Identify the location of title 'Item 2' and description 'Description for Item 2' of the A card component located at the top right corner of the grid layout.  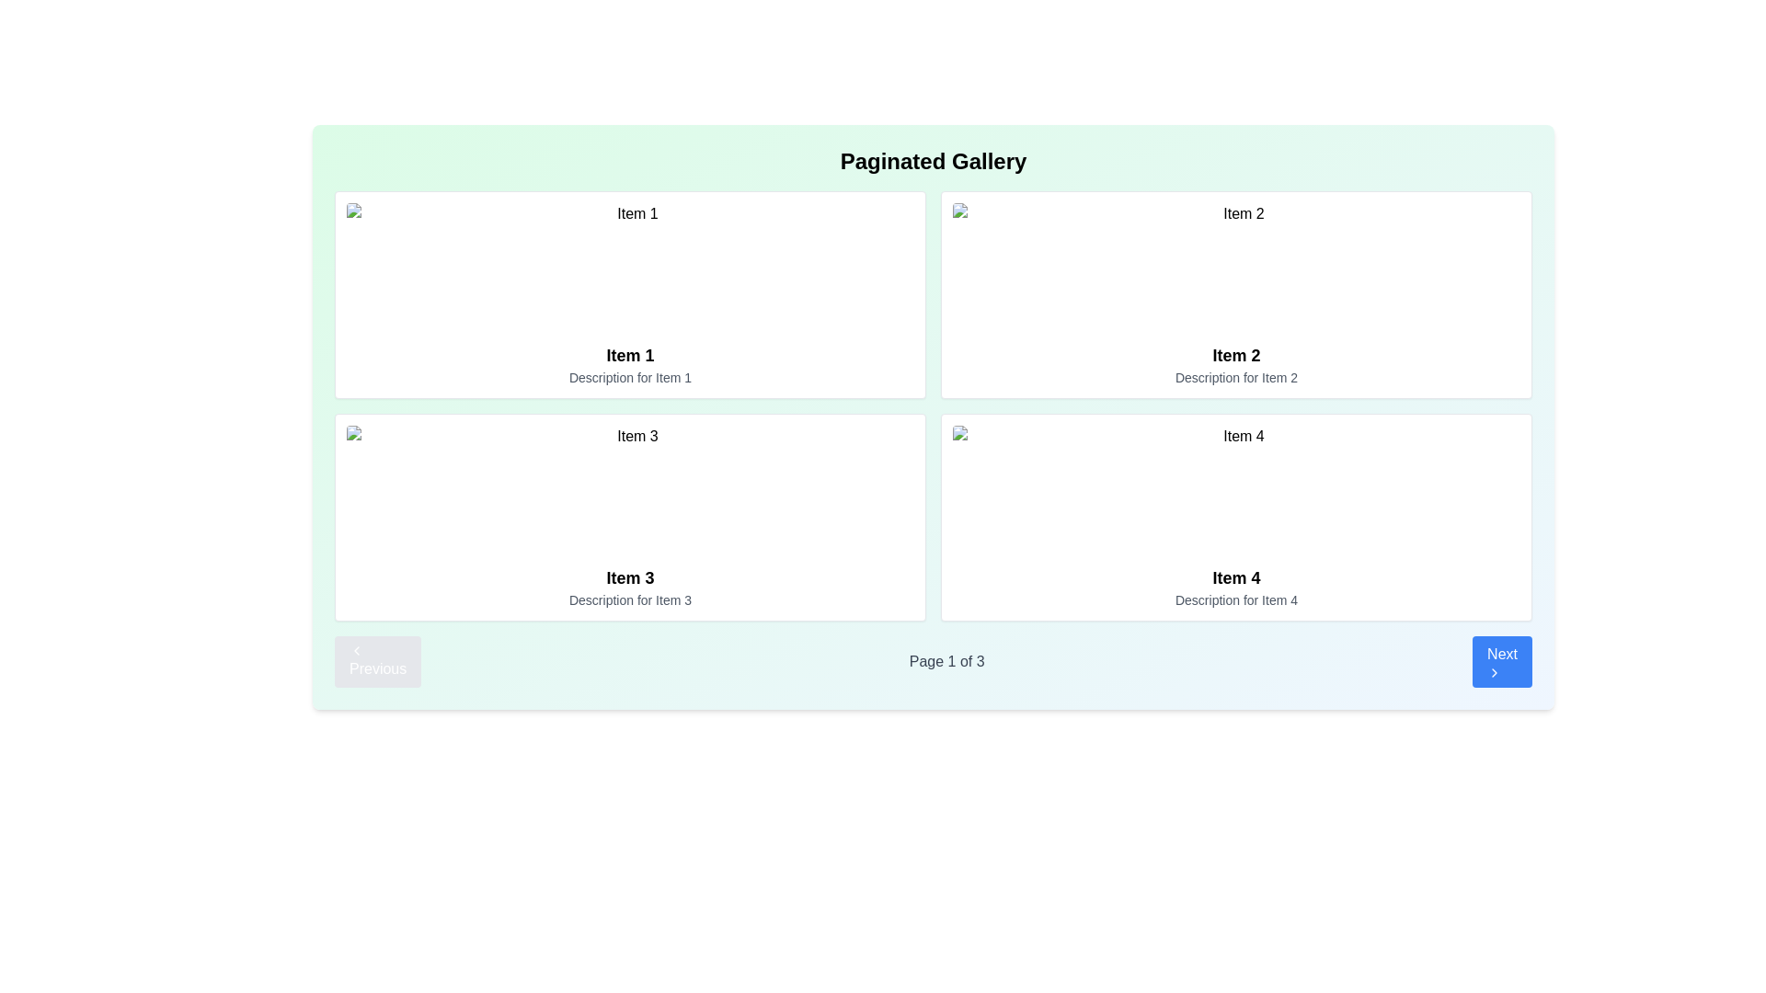
(1236, 293).